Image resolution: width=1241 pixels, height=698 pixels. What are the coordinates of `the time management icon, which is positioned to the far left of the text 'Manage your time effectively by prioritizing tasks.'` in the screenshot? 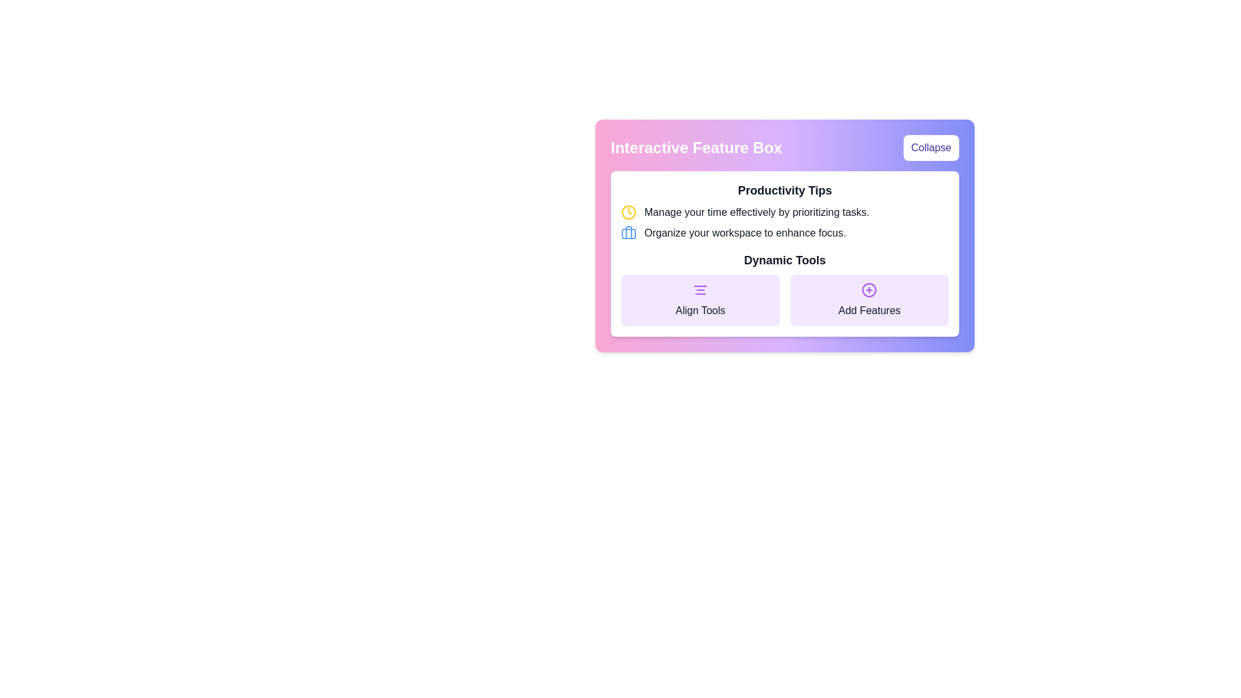 It's located at (629, 211).